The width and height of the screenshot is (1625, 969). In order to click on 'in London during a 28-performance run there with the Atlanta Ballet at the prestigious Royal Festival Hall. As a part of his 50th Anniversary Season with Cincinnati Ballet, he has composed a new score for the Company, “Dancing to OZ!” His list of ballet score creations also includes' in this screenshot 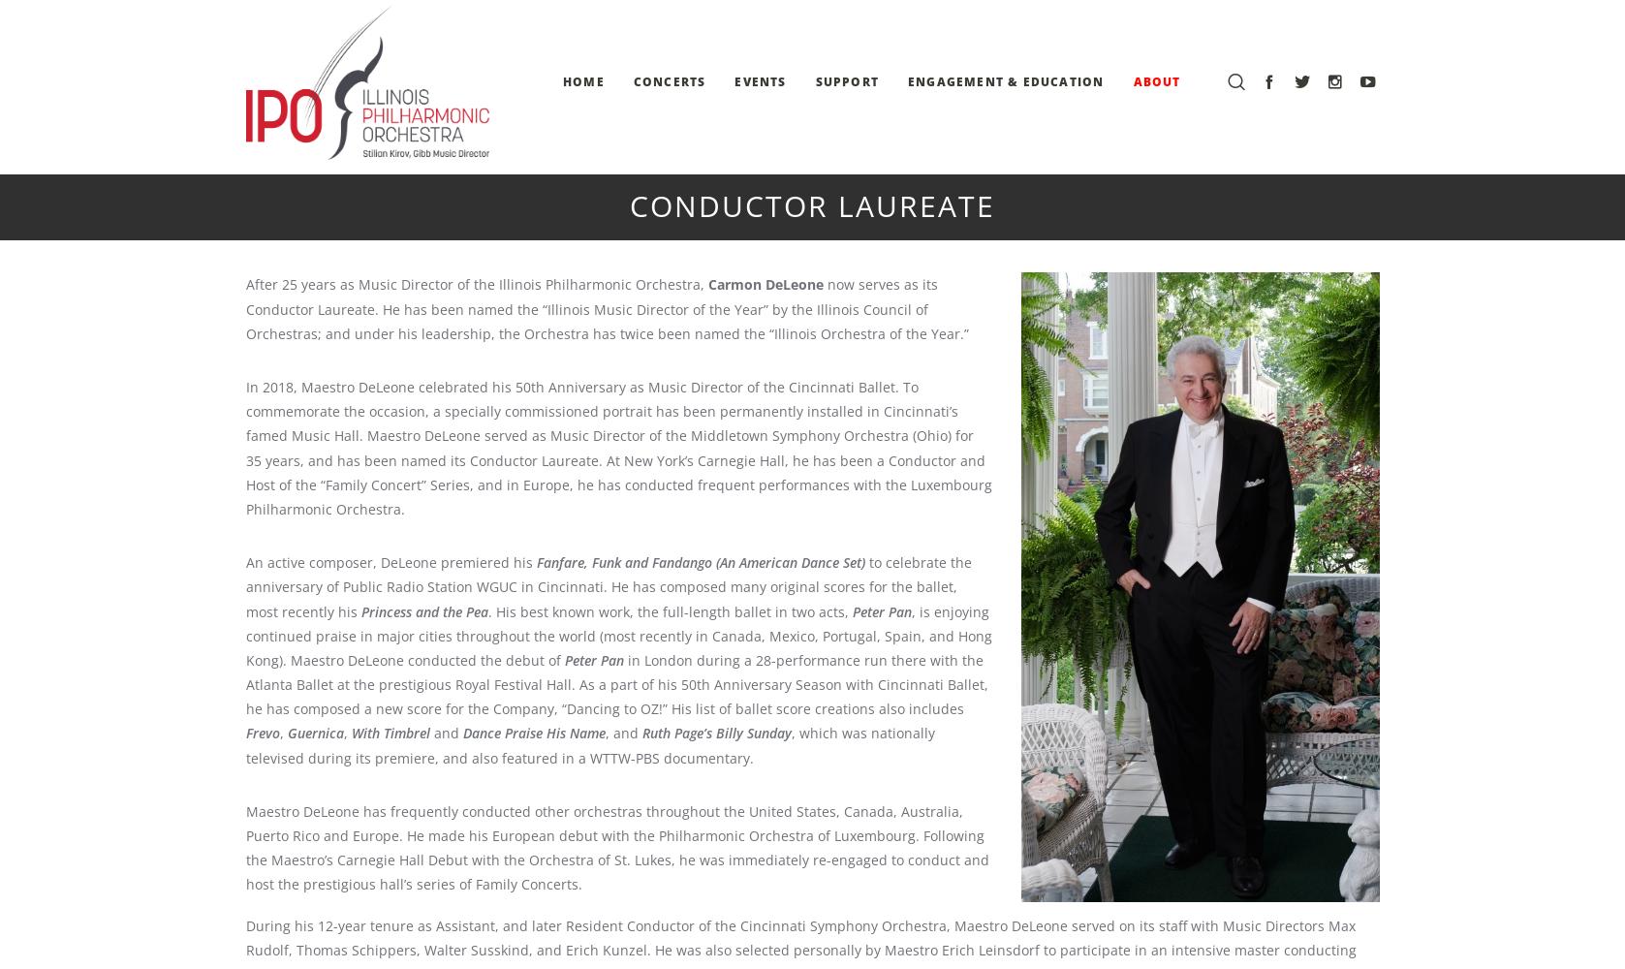, I will do `click(615, 683)`.